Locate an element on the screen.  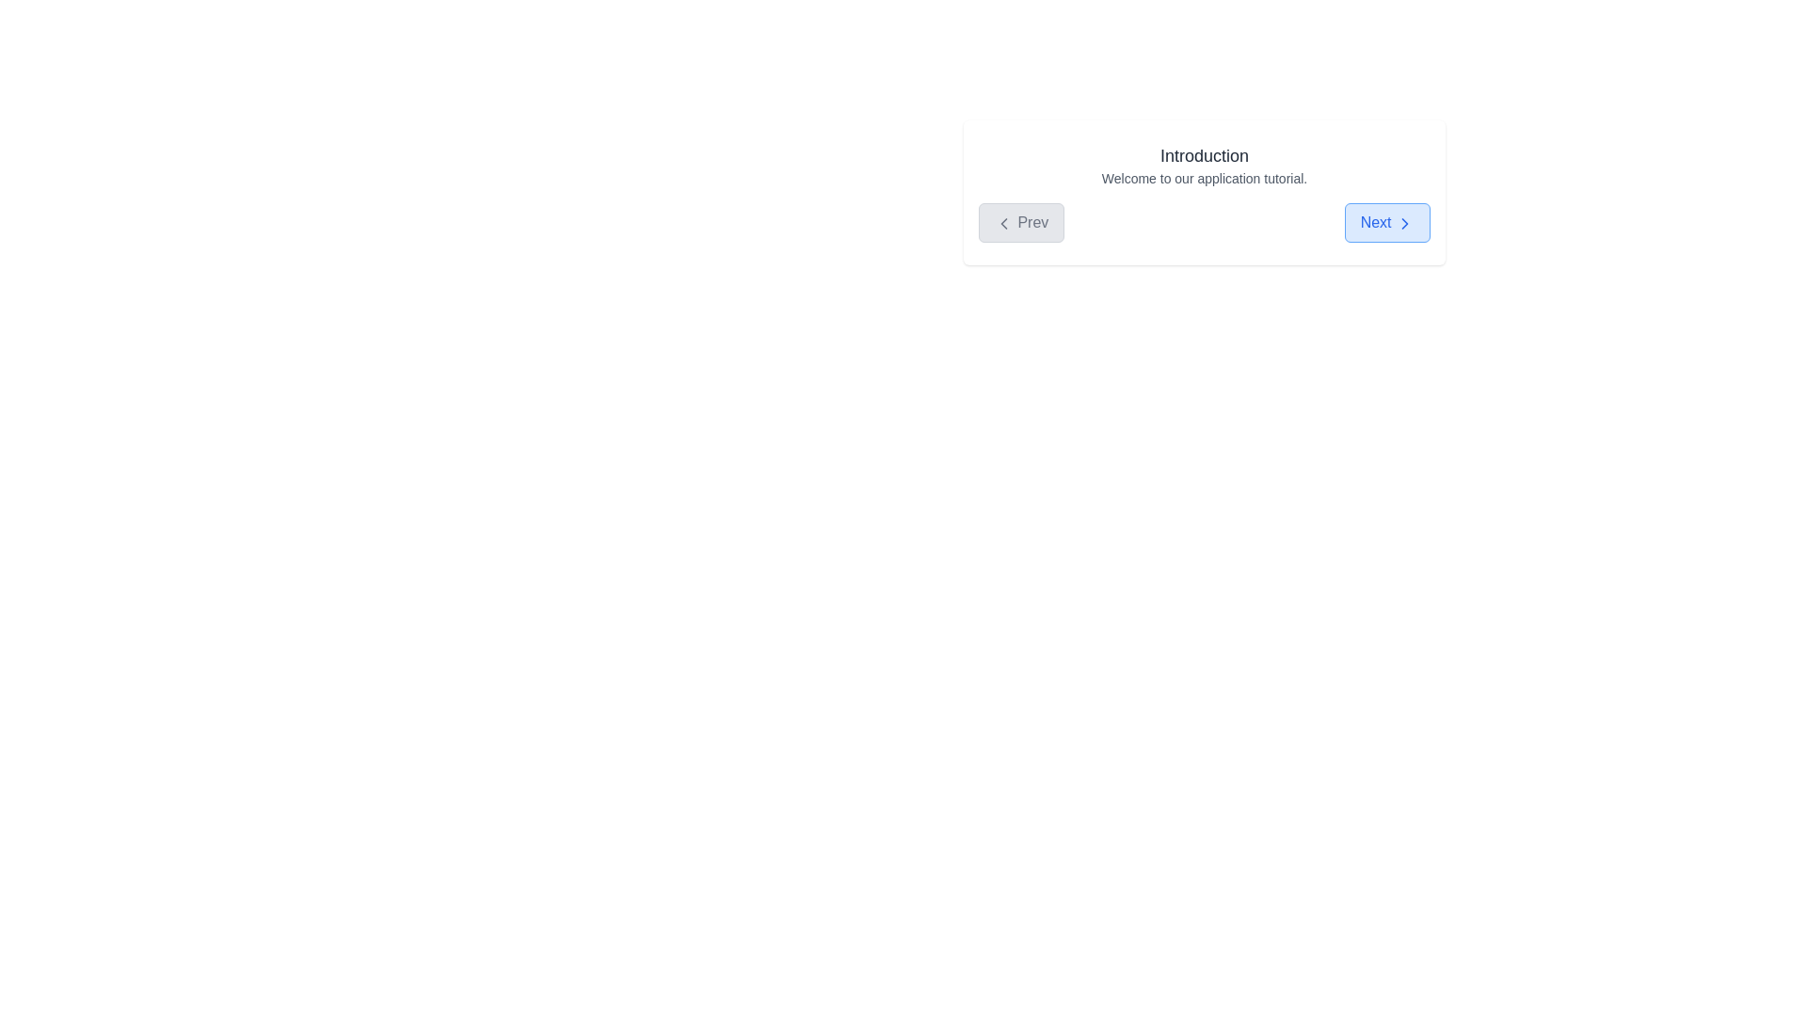
the Chevron icon located to the right of the 'Next' text label within the navigation button is located at coordinates (1404, 221).